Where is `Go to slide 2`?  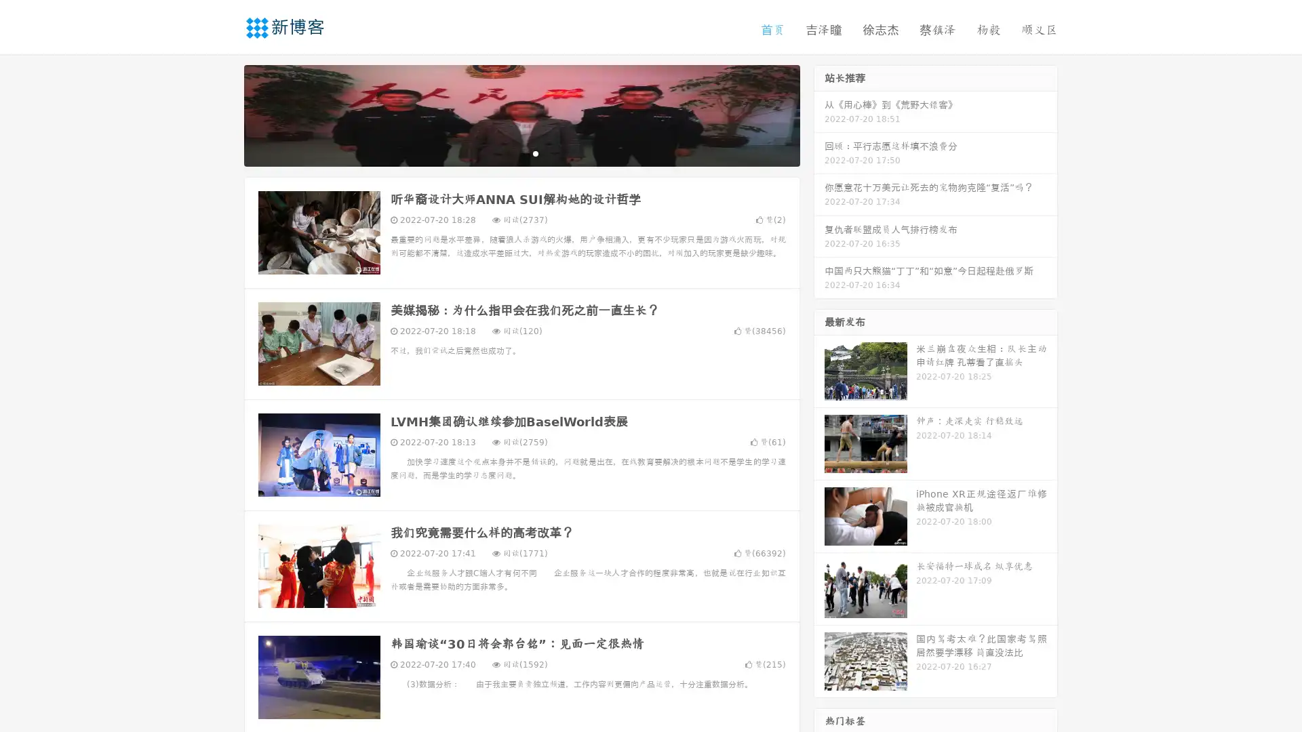 Go to slide 2 is located at coordinates (521, 152).